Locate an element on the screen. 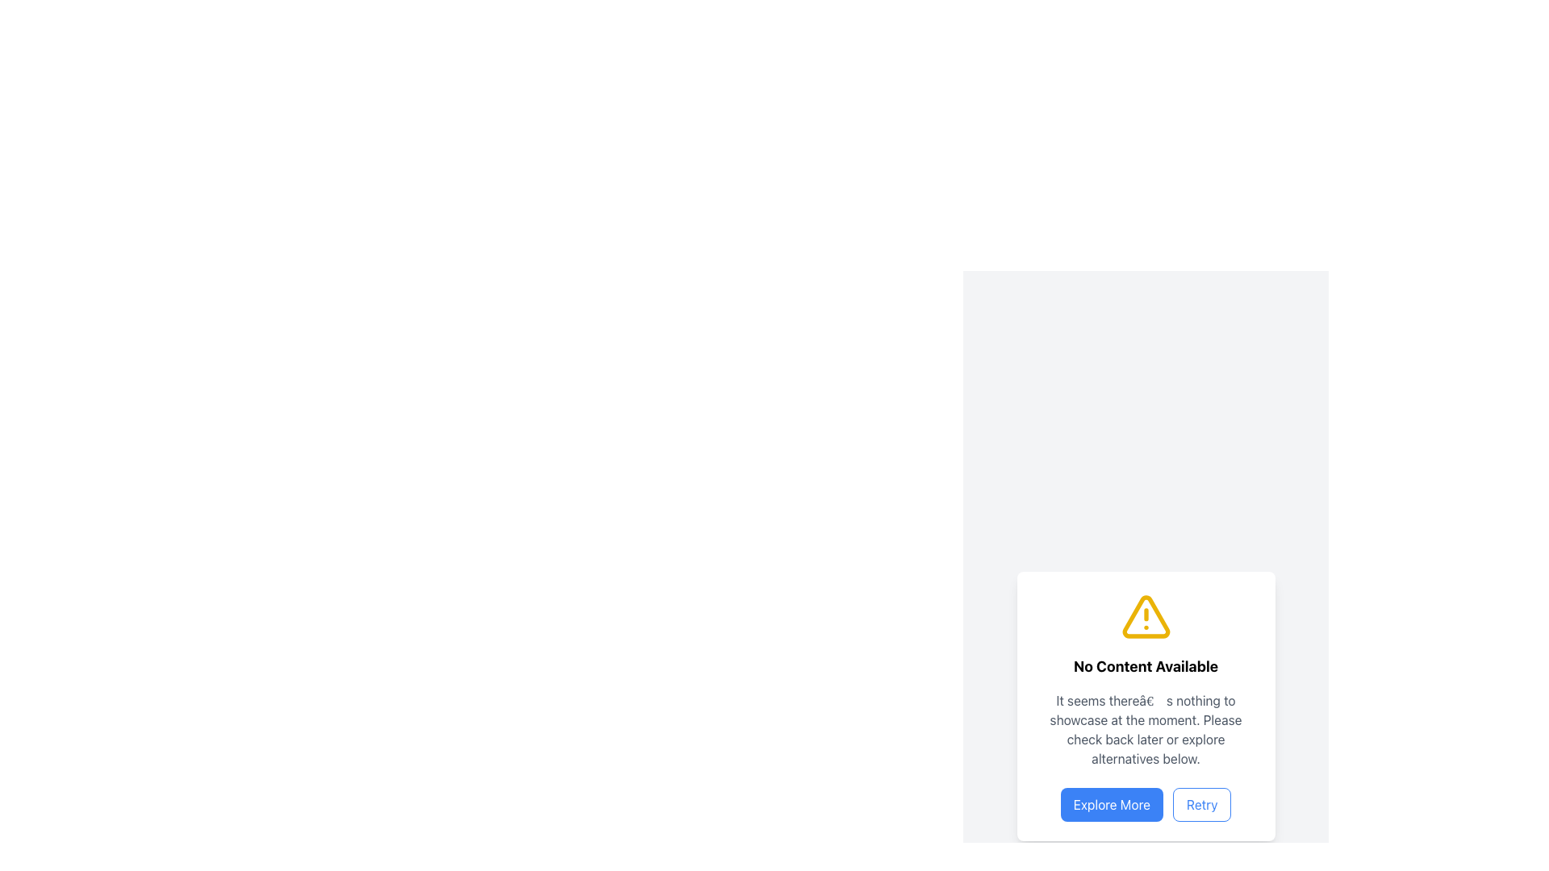  text element that displays 'No Content Available' styled in bold and larger font, centrally aligned within a white card with rounded corners is located at coordinates (1145, 666).